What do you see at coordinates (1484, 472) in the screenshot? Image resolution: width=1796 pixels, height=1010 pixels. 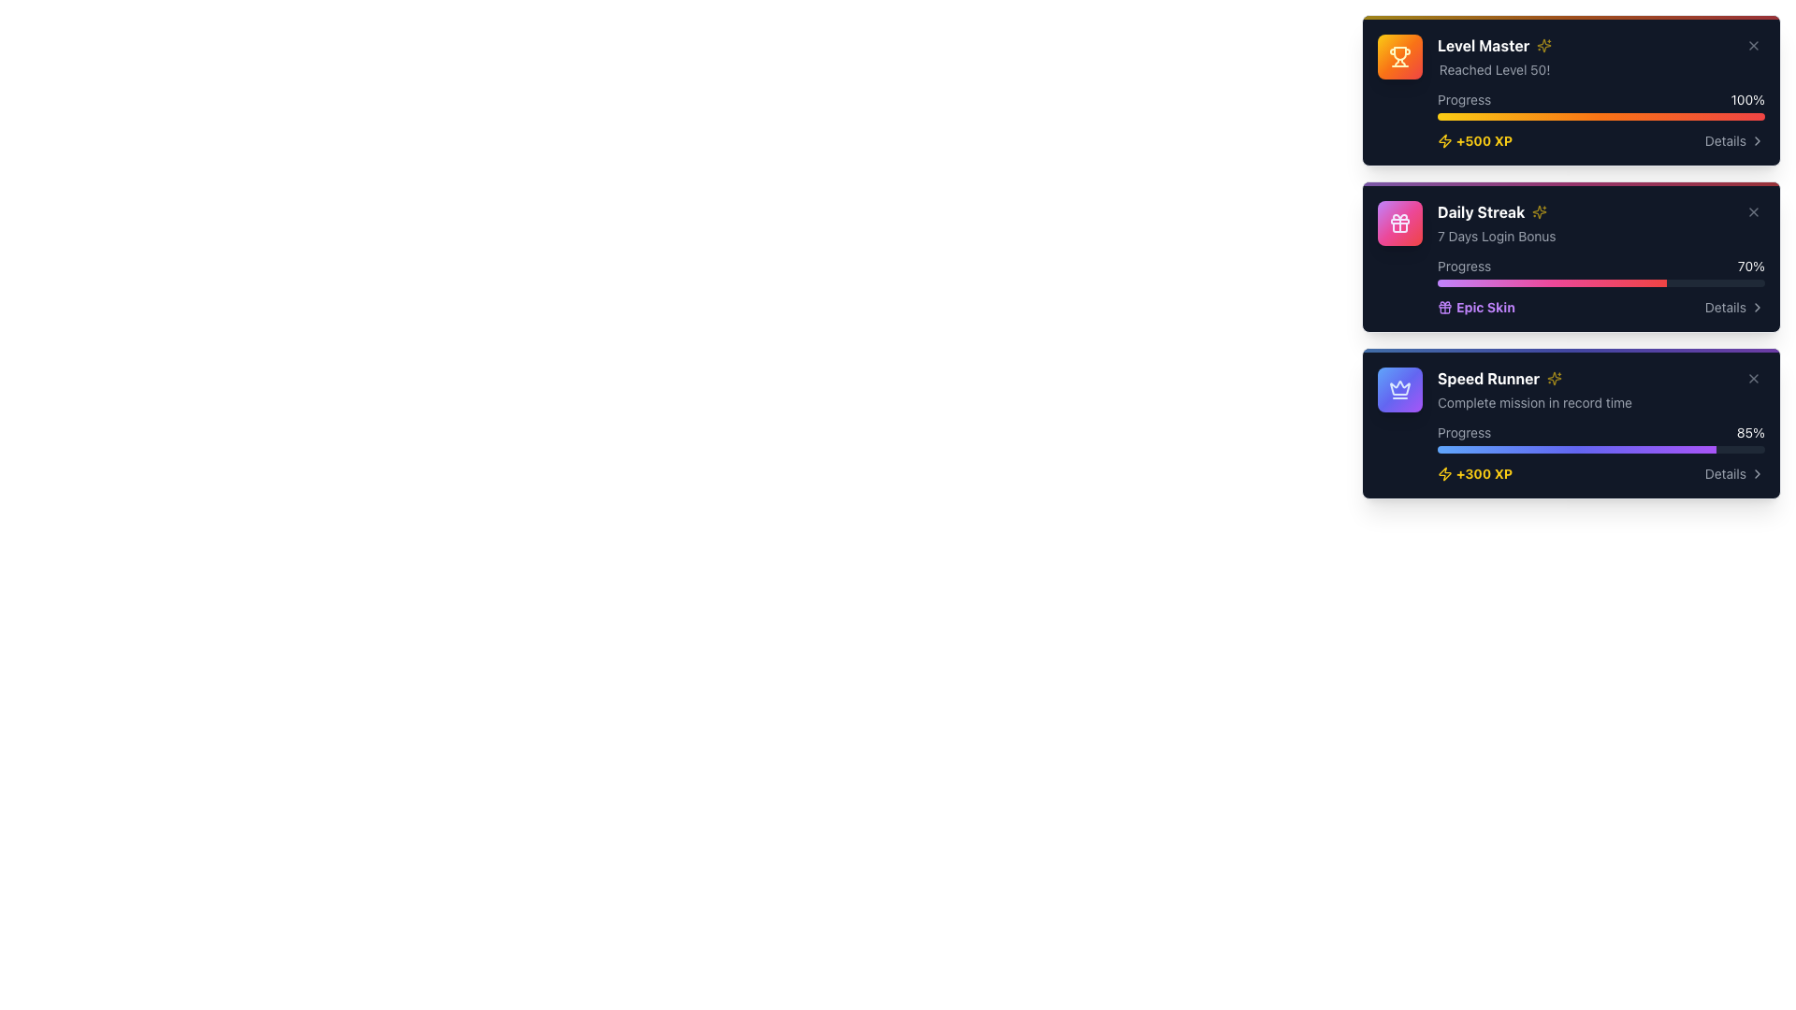 I see `the bold text label displaying '+300 XP' in yellow color, located next to the lightning bolt icon on the 'Speed Runner' card` at bounding box center [1484, 472].